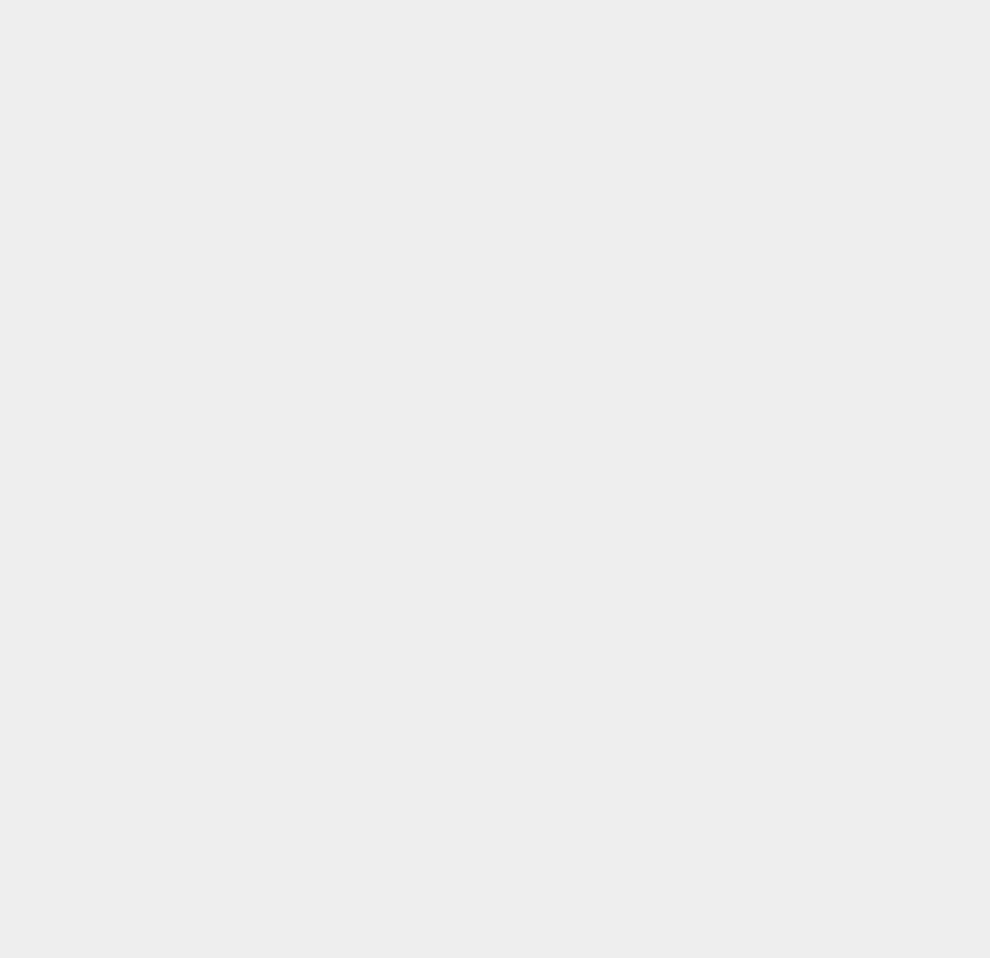 The image size is (990, 958). Describe the element at coordinates (746, 240) in the screenshot. I see `'Google Penguins'` at that location.